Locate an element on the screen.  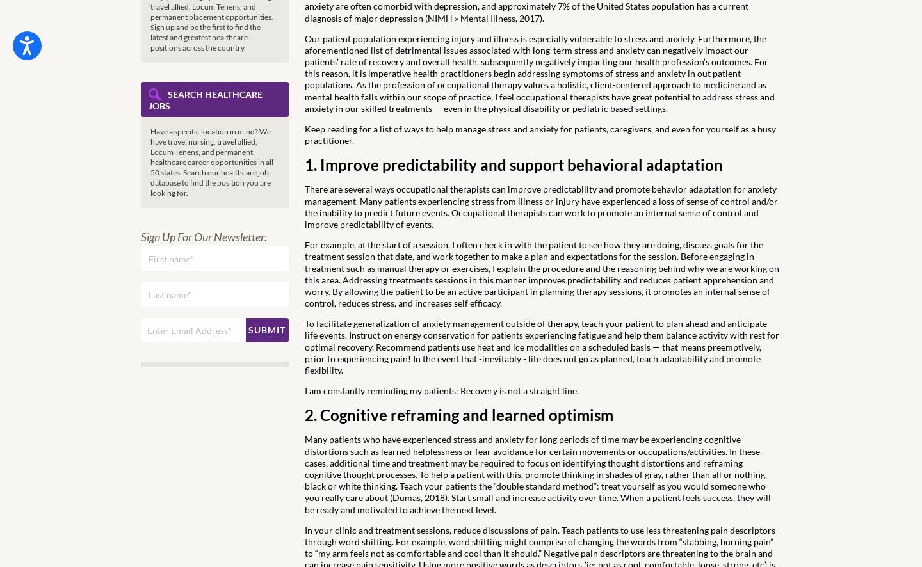
'Search Healthcare Jobs' is located at coordinates (205, 99).